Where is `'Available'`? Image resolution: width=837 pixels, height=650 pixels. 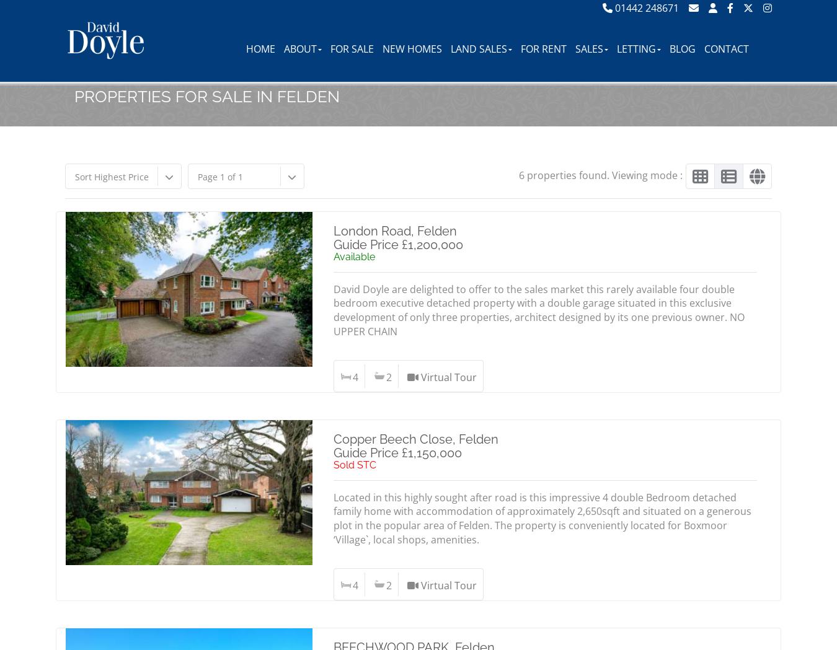 'Available' is located at coordinates (332, 256).